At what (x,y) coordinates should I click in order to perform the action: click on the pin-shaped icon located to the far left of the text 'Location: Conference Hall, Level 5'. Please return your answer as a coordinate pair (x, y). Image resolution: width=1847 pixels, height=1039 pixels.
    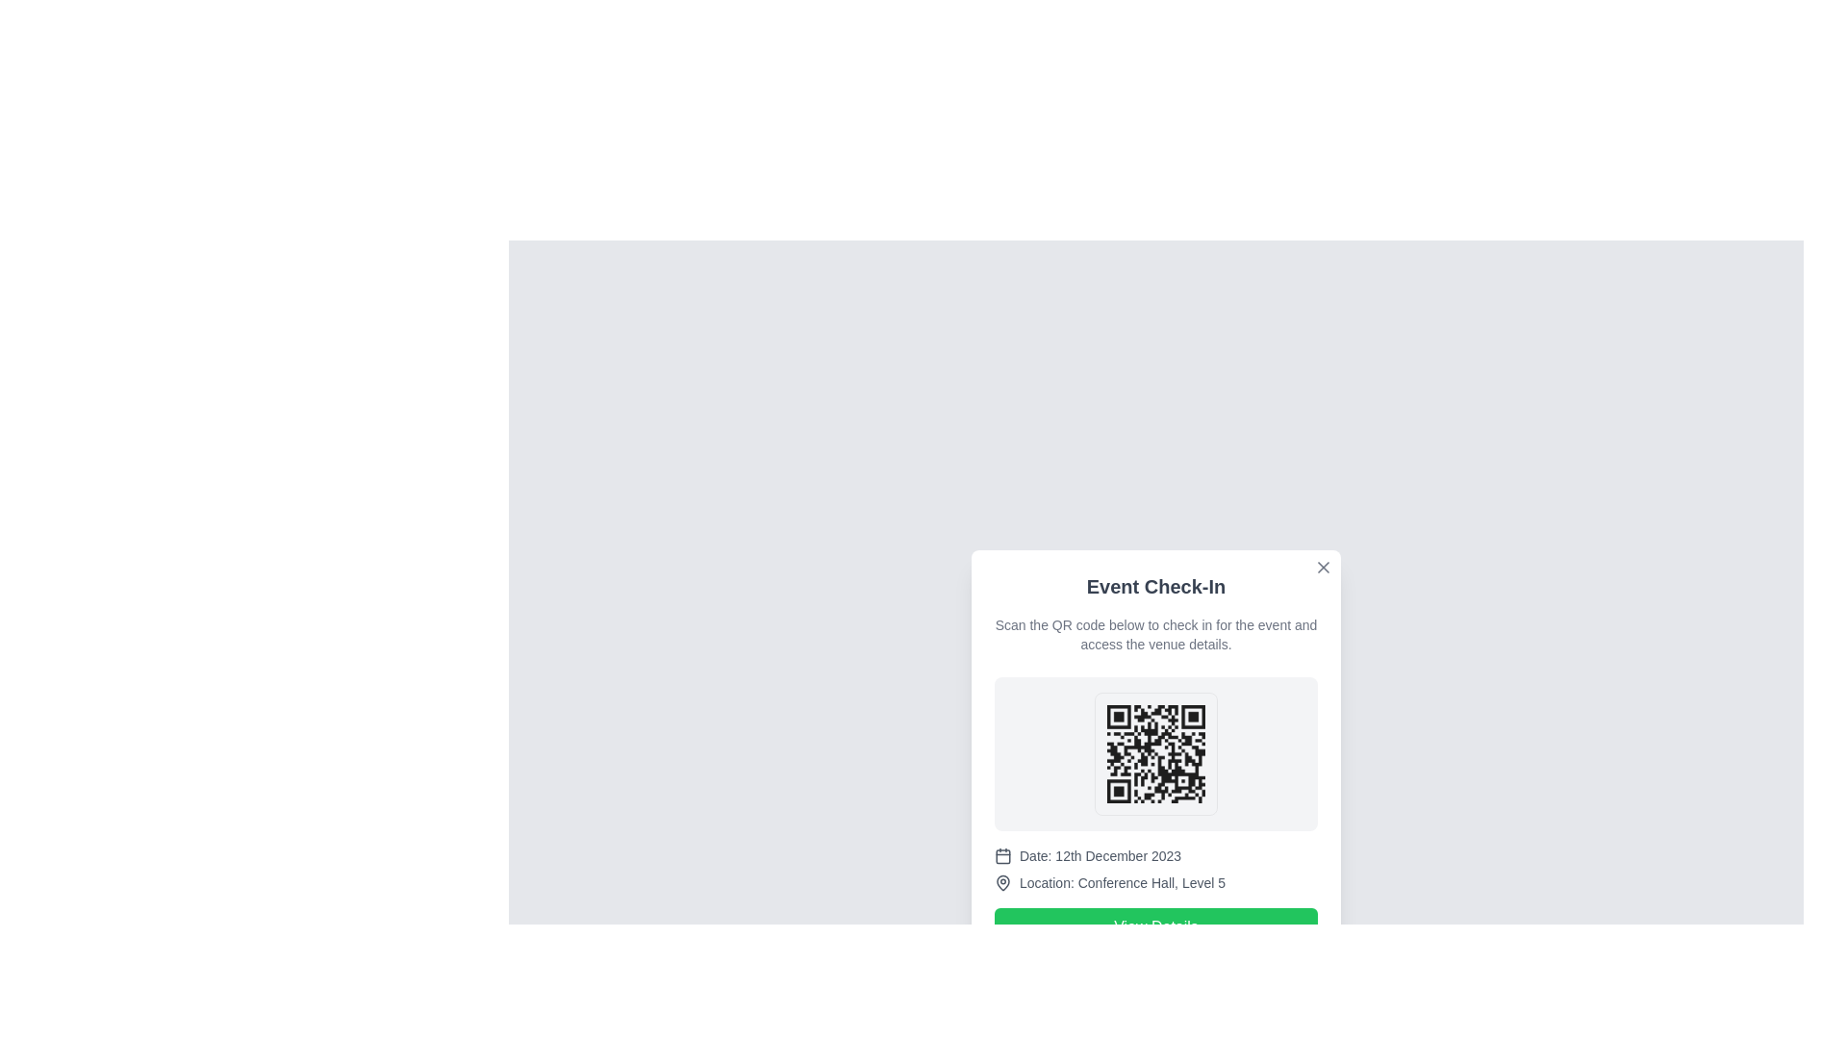
    Looking at the image, I should click on (1001, 883).